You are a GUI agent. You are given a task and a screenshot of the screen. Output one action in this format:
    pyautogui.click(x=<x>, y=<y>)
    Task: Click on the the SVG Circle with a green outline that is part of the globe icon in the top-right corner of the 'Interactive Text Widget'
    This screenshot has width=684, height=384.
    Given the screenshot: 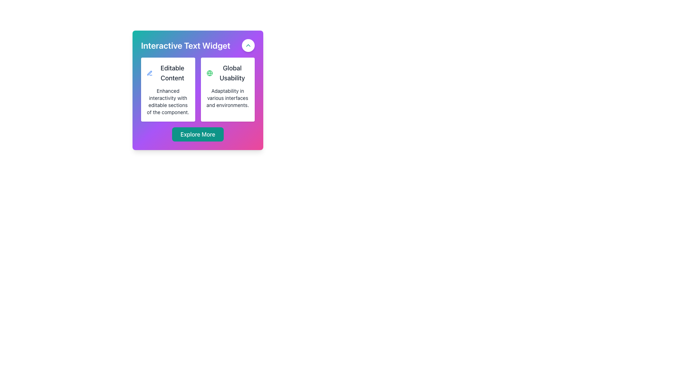 What is the action you would take?
    pyautogui.click(x=209, y=73)
    